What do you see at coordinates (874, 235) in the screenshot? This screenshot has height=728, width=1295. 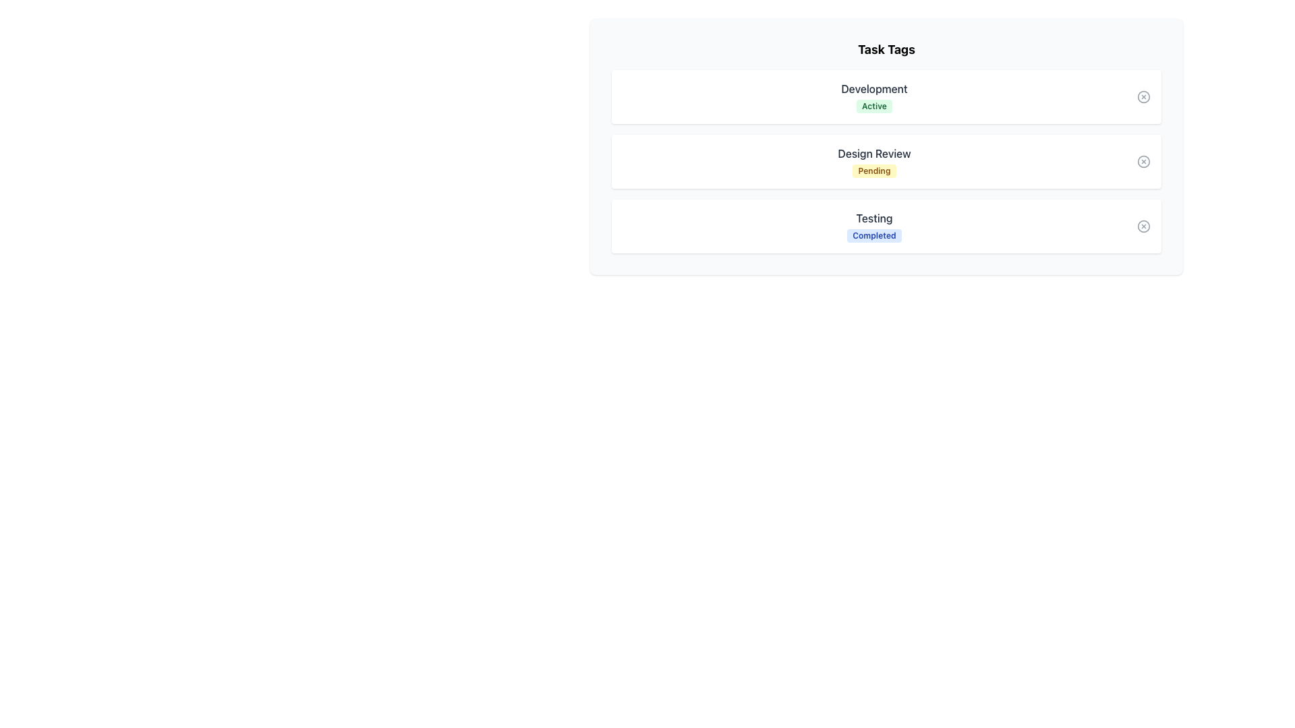 I see `status text from the 'Completed' status badge, which is a light blue rectangular badge with rounded corners located to the right of the 'Testing' text in the third row of the 'Task Tags' list` at bounding box center [874, 235].